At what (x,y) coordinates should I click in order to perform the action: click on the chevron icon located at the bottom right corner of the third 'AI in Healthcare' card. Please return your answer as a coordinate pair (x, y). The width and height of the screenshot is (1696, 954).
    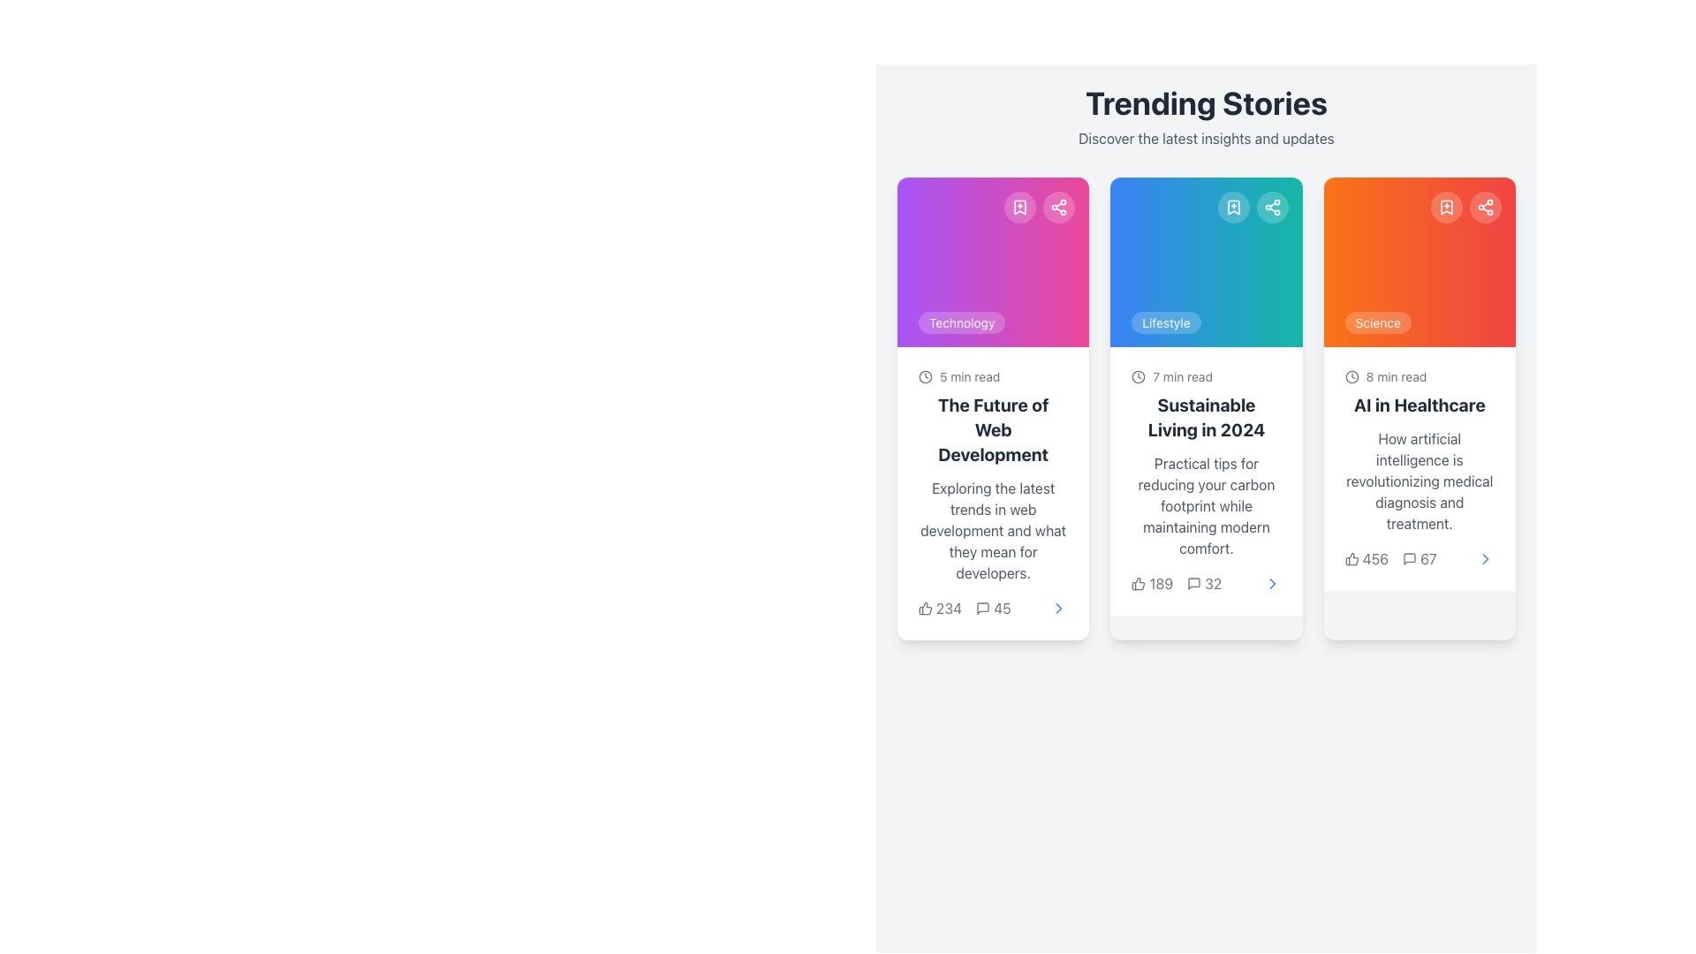
    Looking at the image, I should click on (1484, 558).